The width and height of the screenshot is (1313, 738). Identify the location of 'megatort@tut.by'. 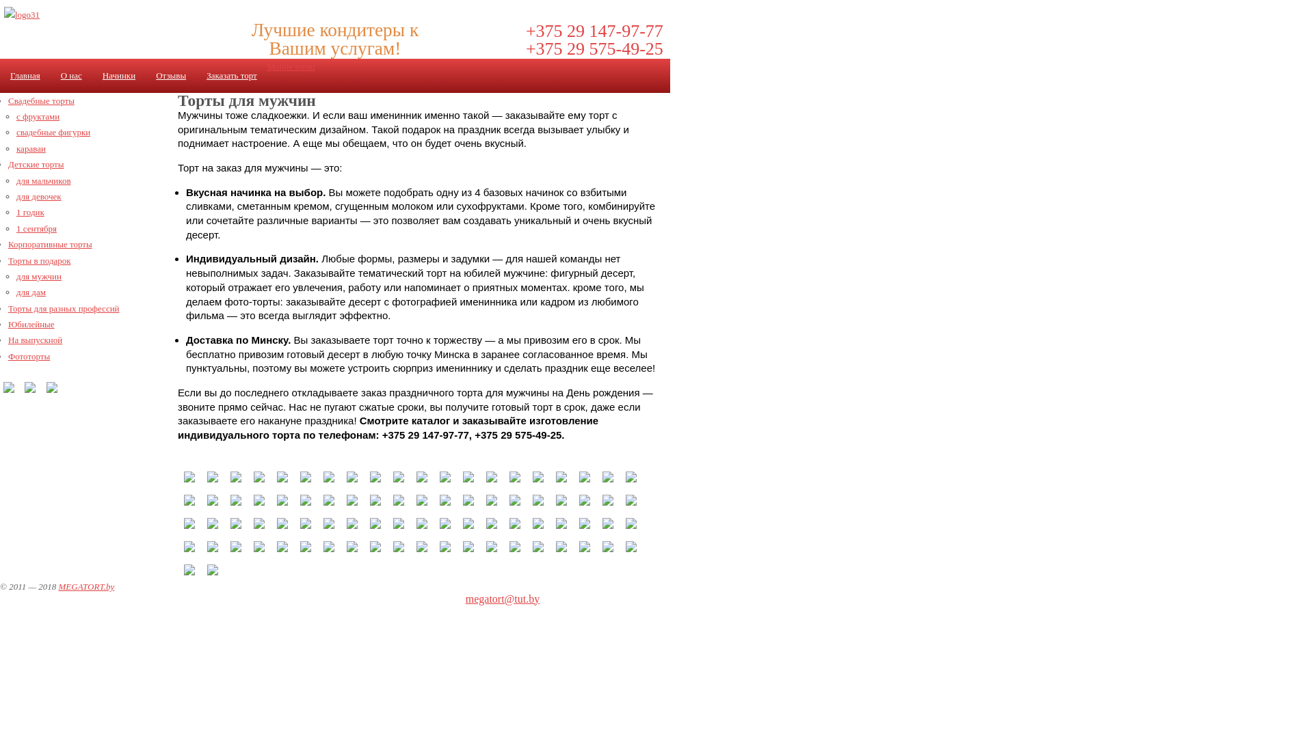
(502, 598).